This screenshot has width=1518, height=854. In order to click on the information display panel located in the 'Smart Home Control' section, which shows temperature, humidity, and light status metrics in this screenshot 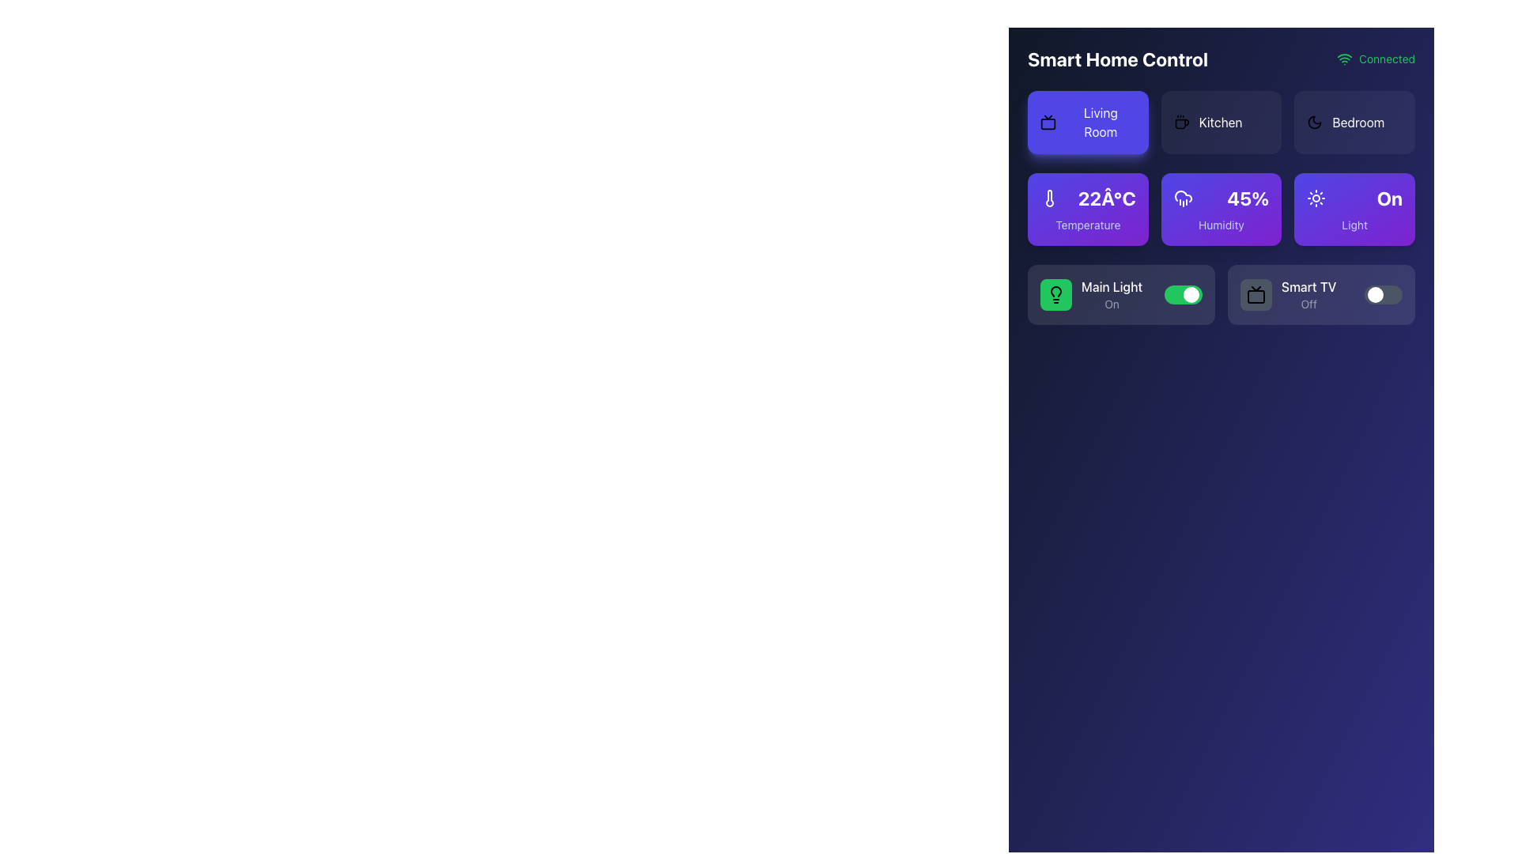, I will do `click(1221, 249)`.